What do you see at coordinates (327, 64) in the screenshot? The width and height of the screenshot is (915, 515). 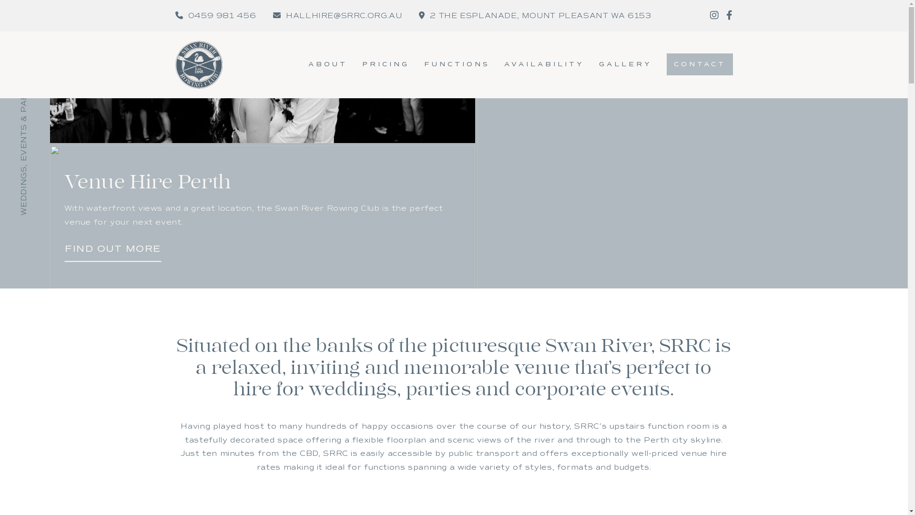 I see `'ABOUT'` at bounding box center [327, 64].